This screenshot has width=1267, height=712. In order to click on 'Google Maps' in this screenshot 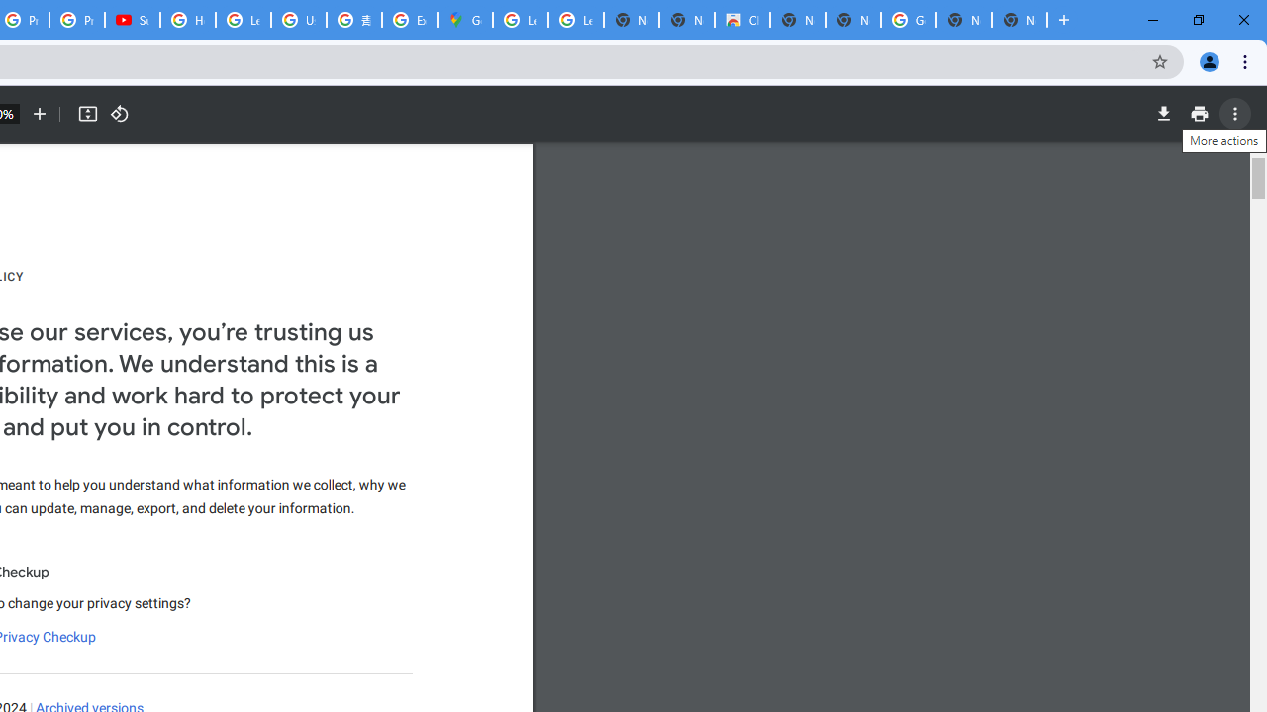, I will do `click(463, 20)`.